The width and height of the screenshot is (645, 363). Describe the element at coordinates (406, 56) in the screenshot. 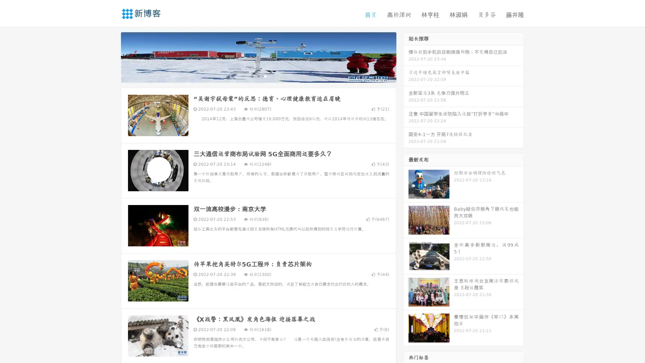

I see `Next slide` at that location.